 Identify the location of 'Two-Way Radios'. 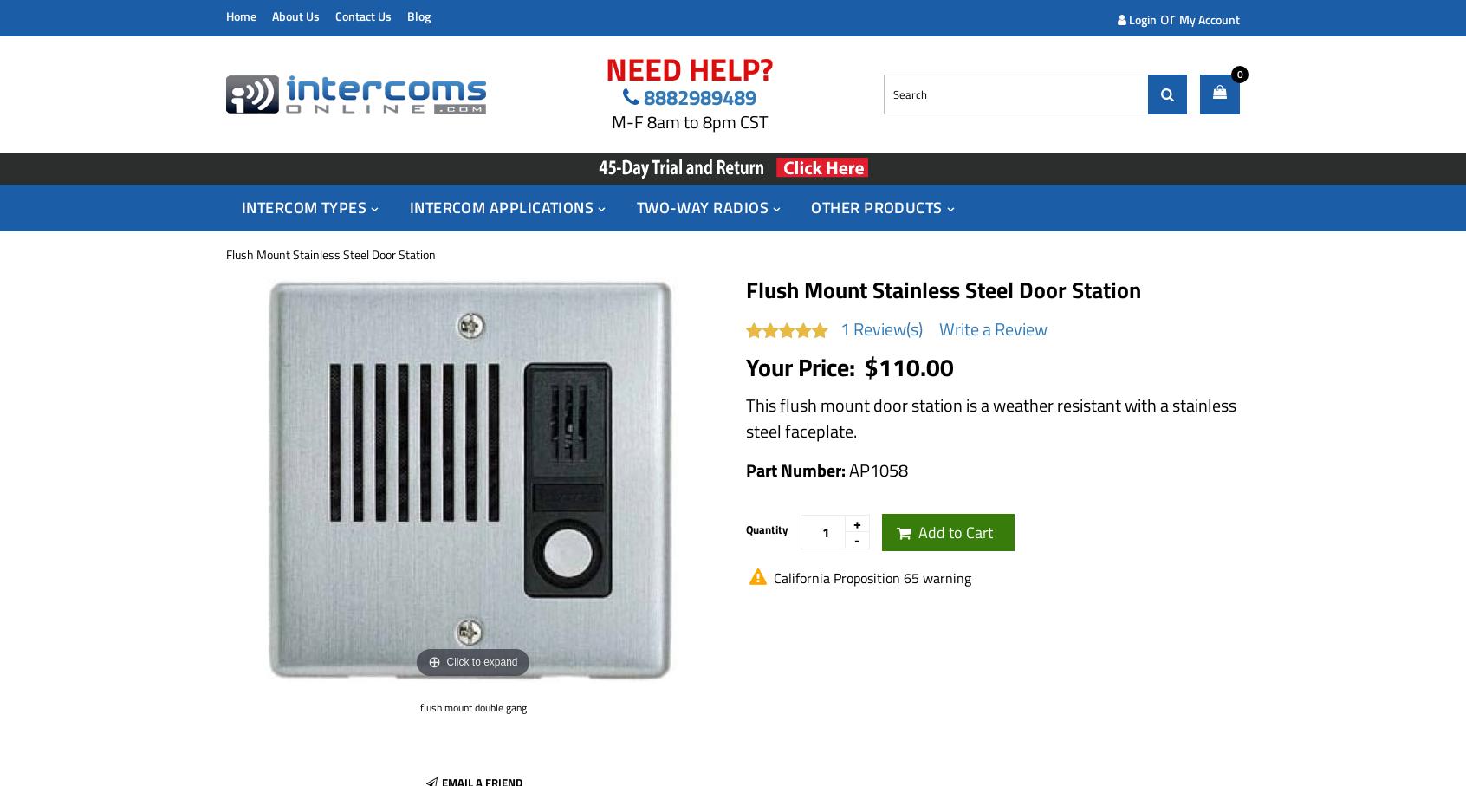
(701, 207).